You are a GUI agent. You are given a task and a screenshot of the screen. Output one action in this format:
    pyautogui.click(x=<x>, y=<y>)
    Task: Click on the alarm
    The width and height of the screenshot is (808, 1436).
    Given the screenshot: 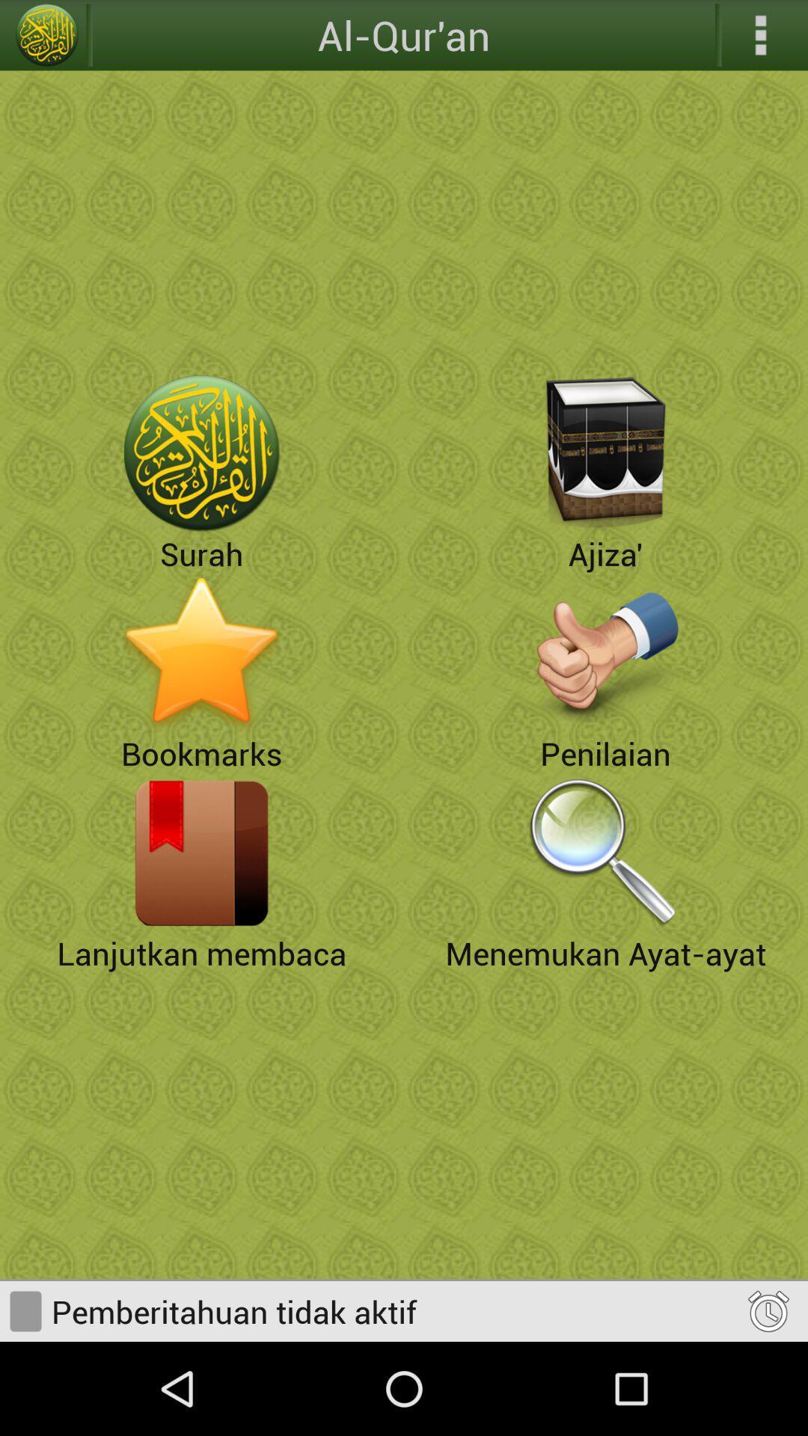 What is the action you would take?
    pyautogui.click(x=768, y=1310)
    